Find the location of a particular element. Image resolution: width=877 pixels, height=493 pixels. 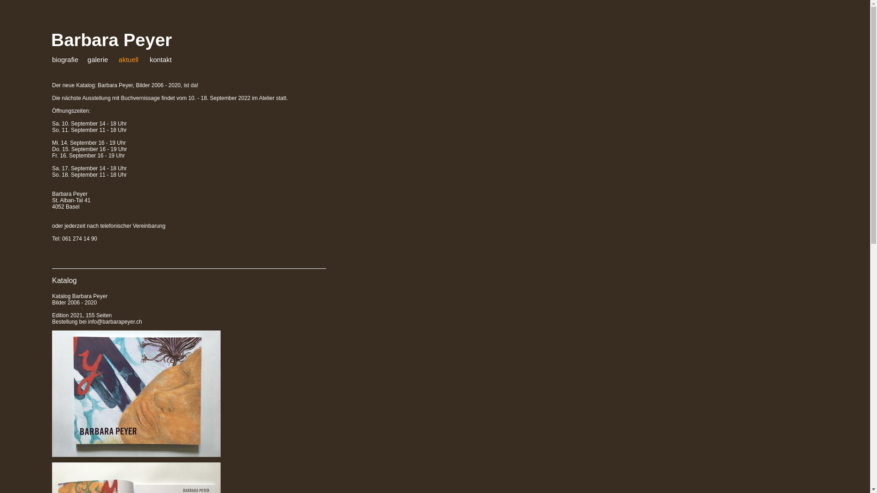

'Barbara Peyer' is located at coordinates (50, 39).